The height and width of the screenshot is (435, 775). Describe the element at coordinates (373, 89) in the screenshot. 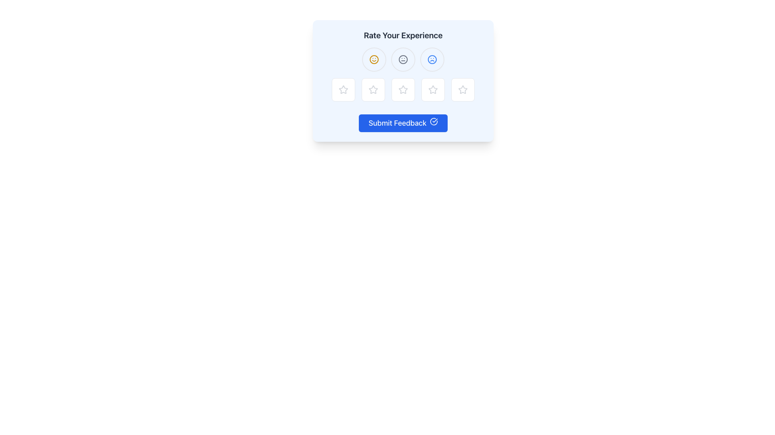

I see `keyboard navigation` at that location.